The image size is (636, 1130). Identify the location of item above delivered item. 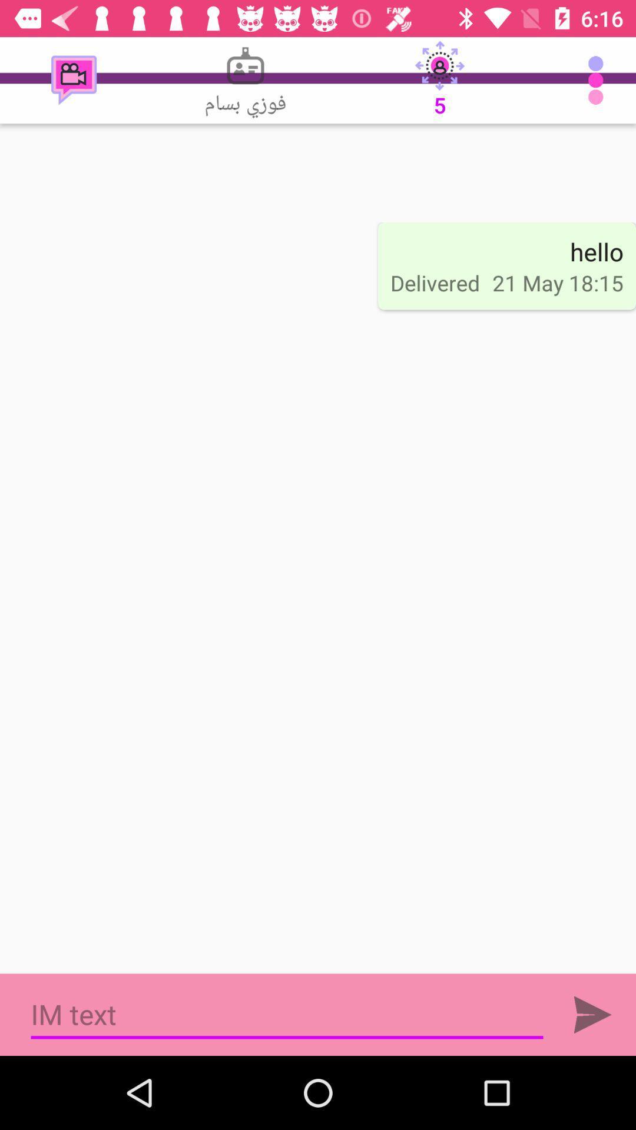
(440, 79).